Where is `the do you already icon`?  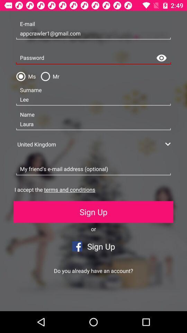
the do you already icon is located at coordinates (93, 270).